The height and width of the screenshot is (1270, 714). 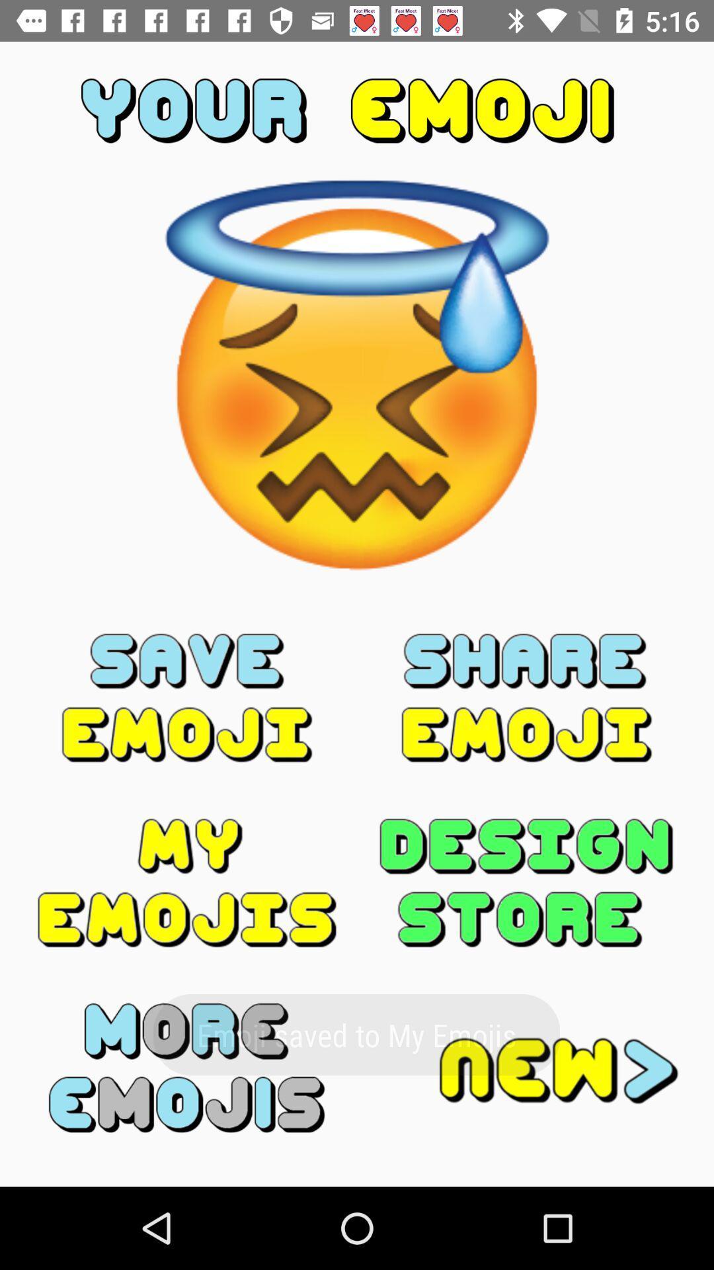 What do you see at coordinates (526, 1068) in the screenshot?
I see `new emoji` at bounding box center [526, 1068].